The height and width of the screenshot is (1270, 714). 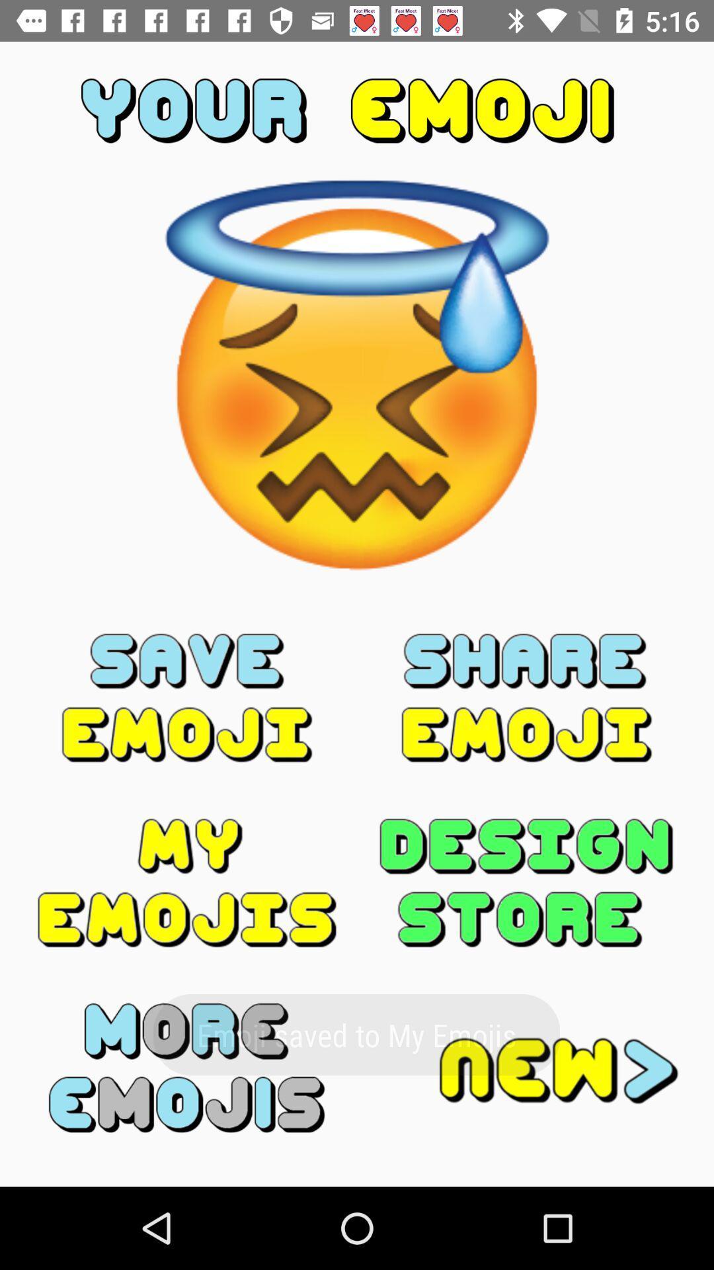 What do you see at coordinates (526, 1068) in the screenshot?
I see `new emoji` at bounding box center [526, 1068].